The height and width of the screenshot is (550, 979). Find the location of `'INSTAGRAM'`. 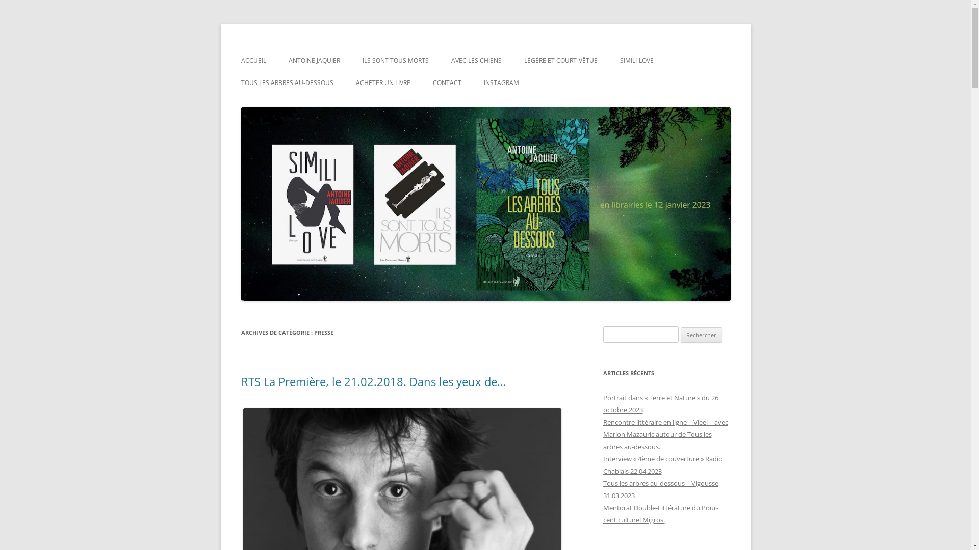

'INSTAGRAM' is located at coordinates (483, 82).